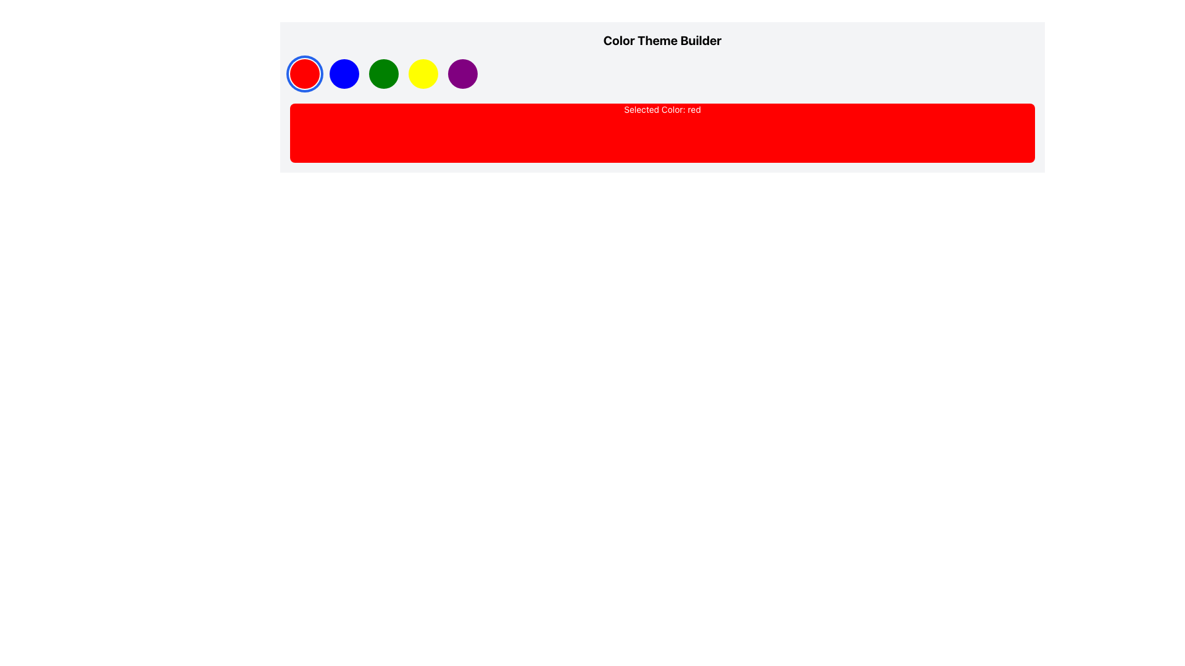 The height and width of the screenshot is (666, 1185). What do you see at coordinates (662, 39) in the screenshot?
I see `the bold text heading 'Color Theme Builder' which is positioned at the top of its section, above a row of colored circular elements` at bounding box center [662, 39].